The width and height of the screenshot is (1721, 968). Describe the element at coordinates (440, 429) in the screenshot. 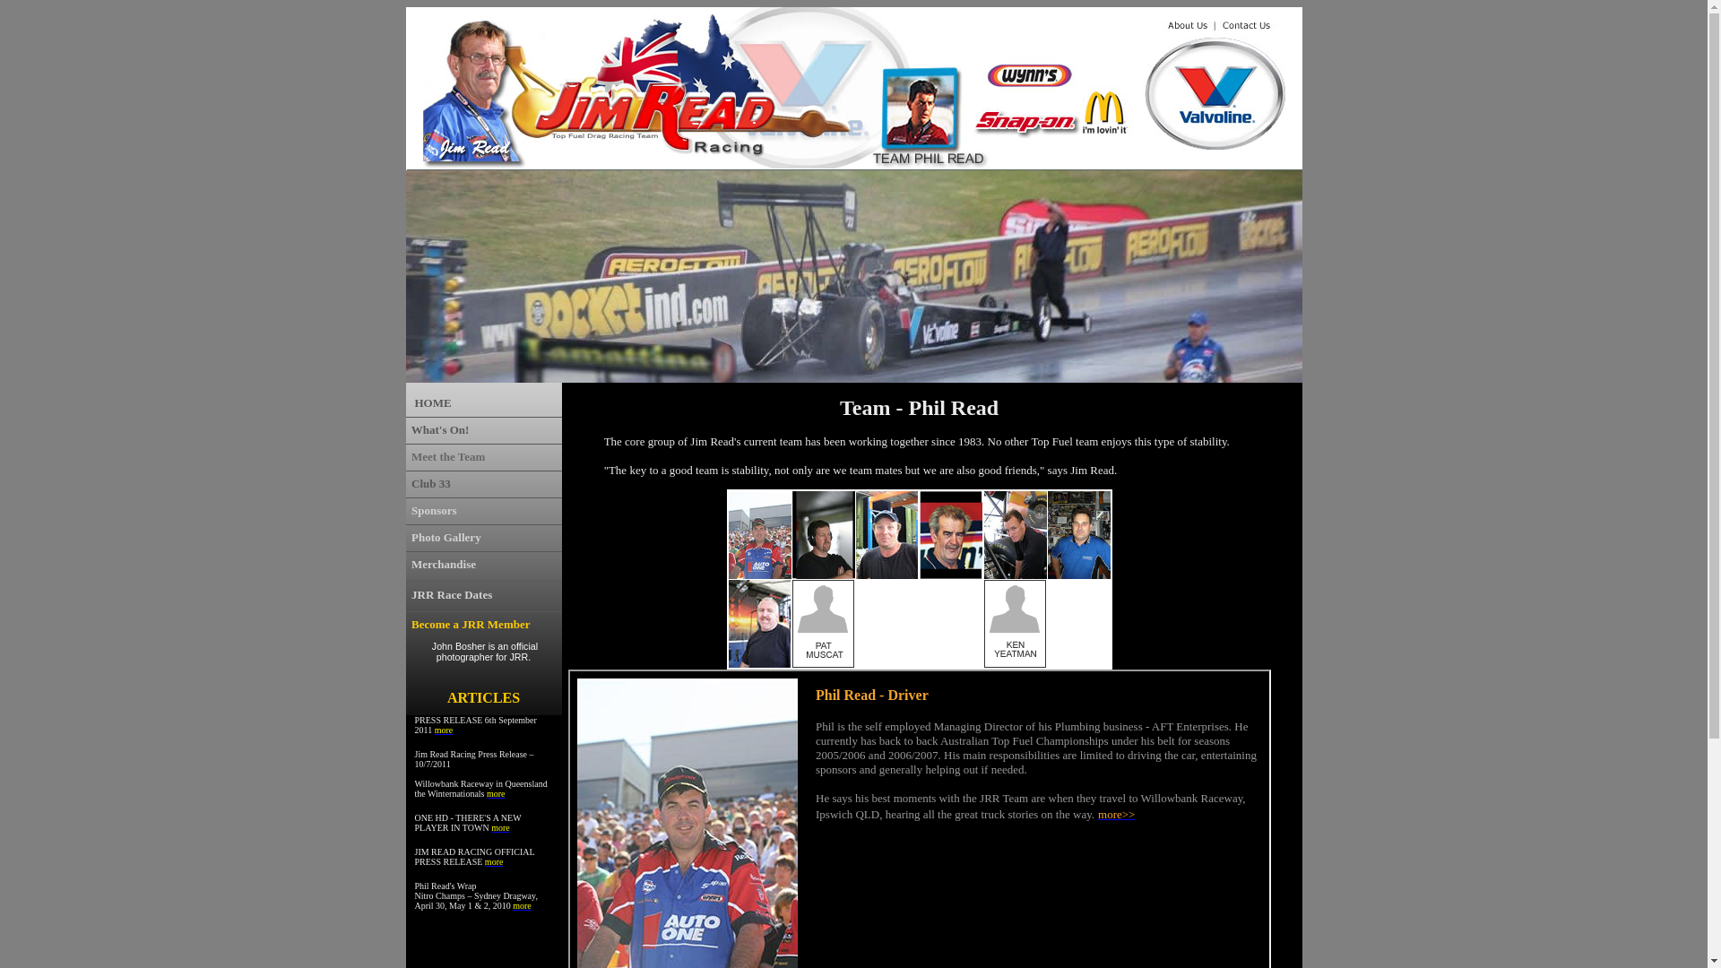

I see `'What's On!'` at that location.